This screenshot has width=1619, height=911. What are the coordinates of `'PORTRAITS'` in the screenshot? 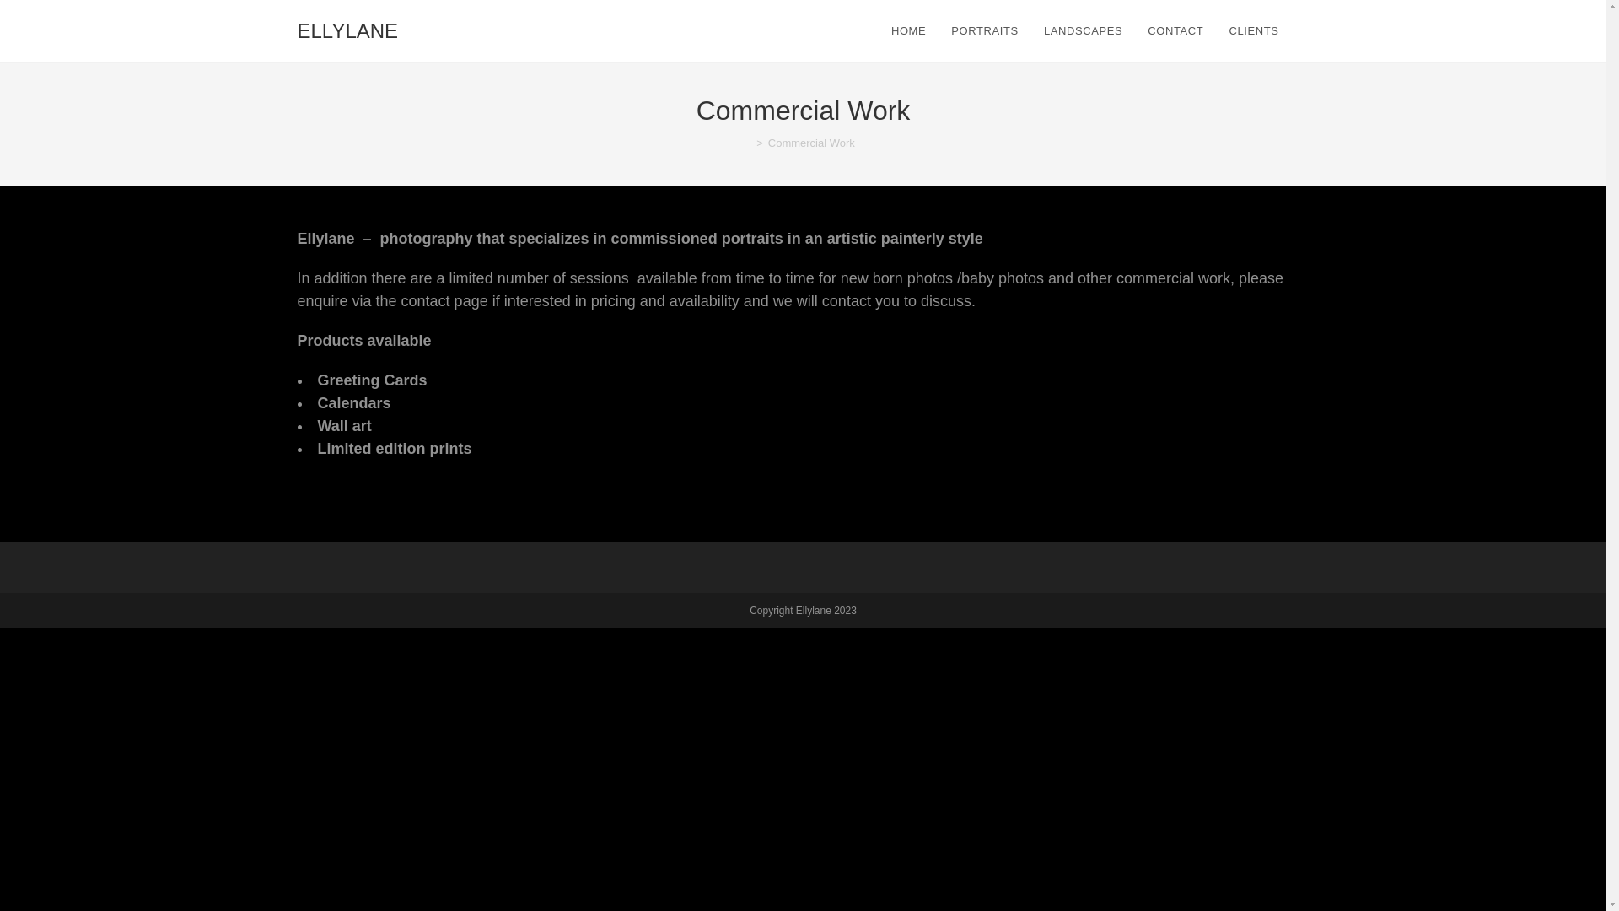 It's located at (984, 31).